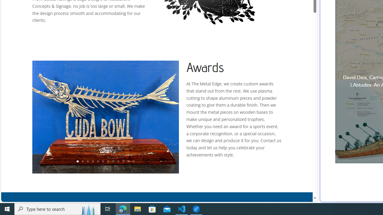  What do you see at coordinates (98, 162) in the screenshot?
I see `'5'` at bounding box center [98, 162].